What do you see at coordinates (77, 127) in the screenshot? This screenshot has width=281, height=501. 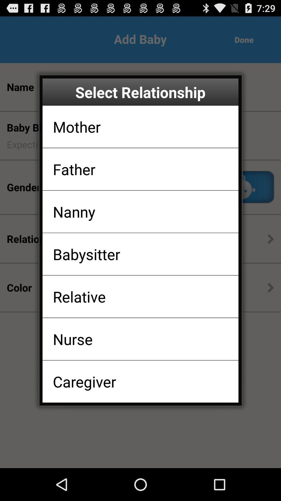 I see `the app at the top left corner` at bounding box center [77, 127].